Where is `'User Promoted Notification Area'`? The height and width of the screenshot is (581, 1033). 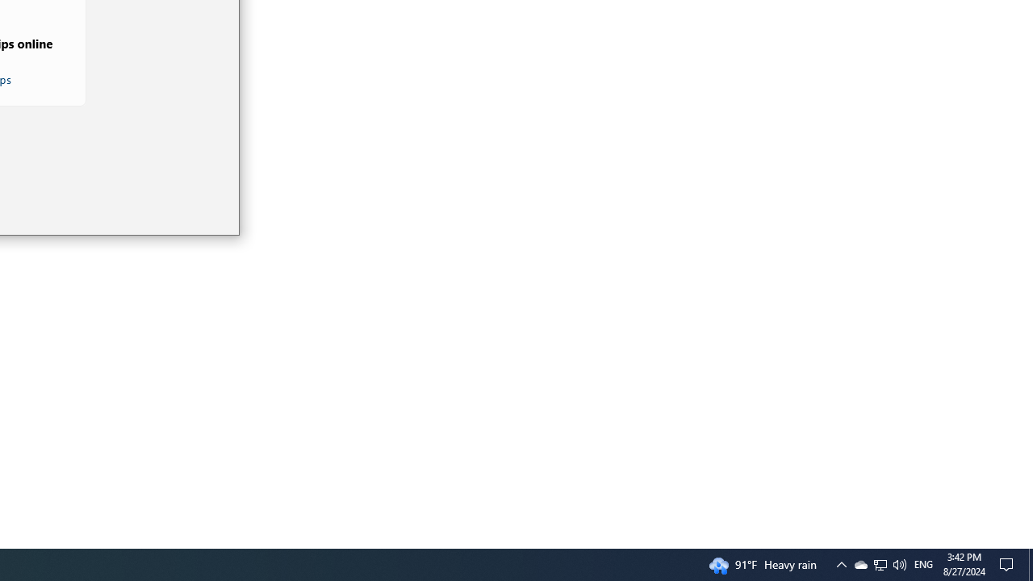 'User Promoted Notification Area' is located at coordinates (840, 563).